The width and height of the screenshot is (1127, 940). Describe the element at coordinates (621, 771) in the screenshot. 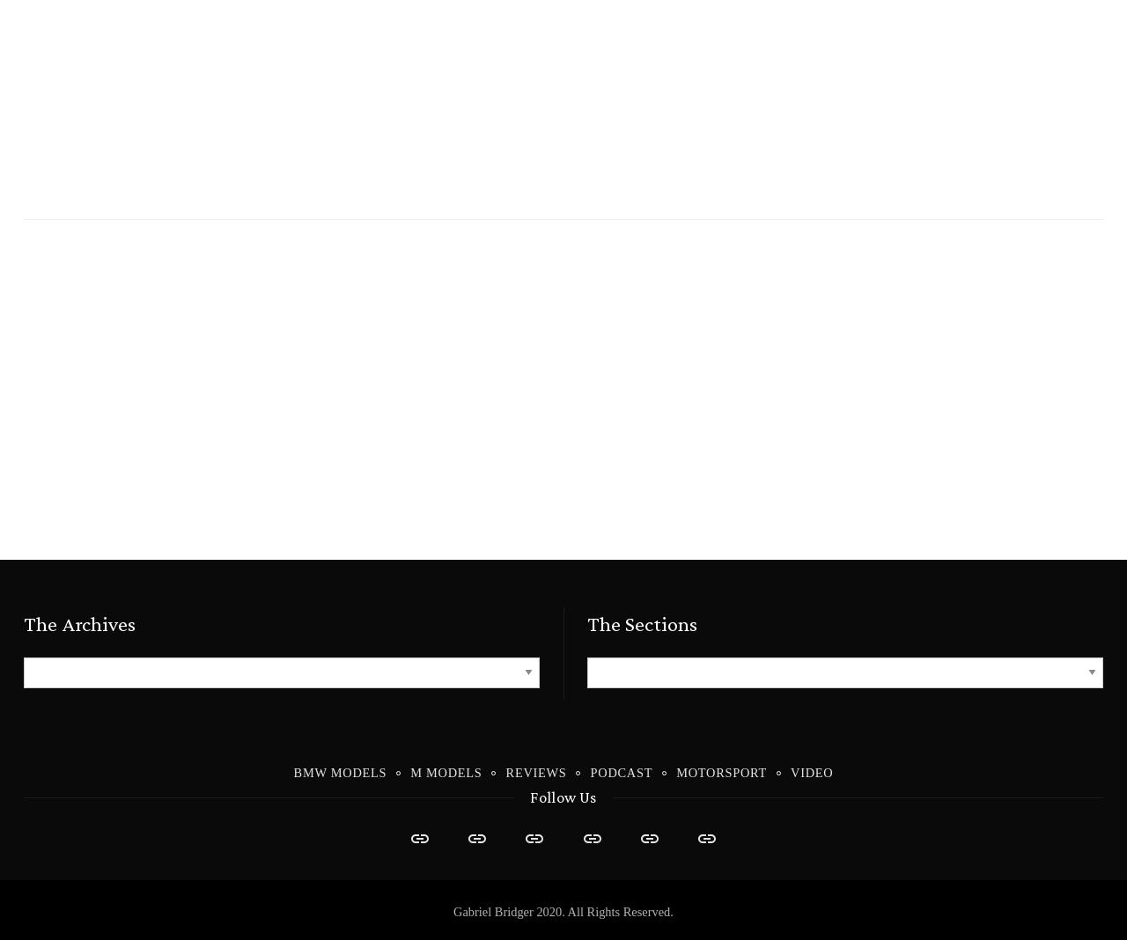

I see `'Podcast'` at that location.